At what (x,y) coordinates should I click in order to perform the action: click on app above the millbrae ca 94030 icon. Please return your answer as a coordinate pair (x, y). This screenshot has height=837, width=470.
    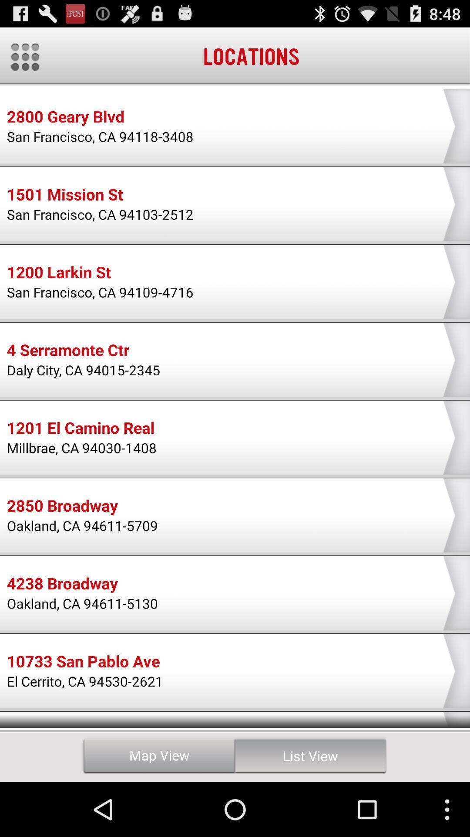
    Looking at the image, I should click on (81, 429).